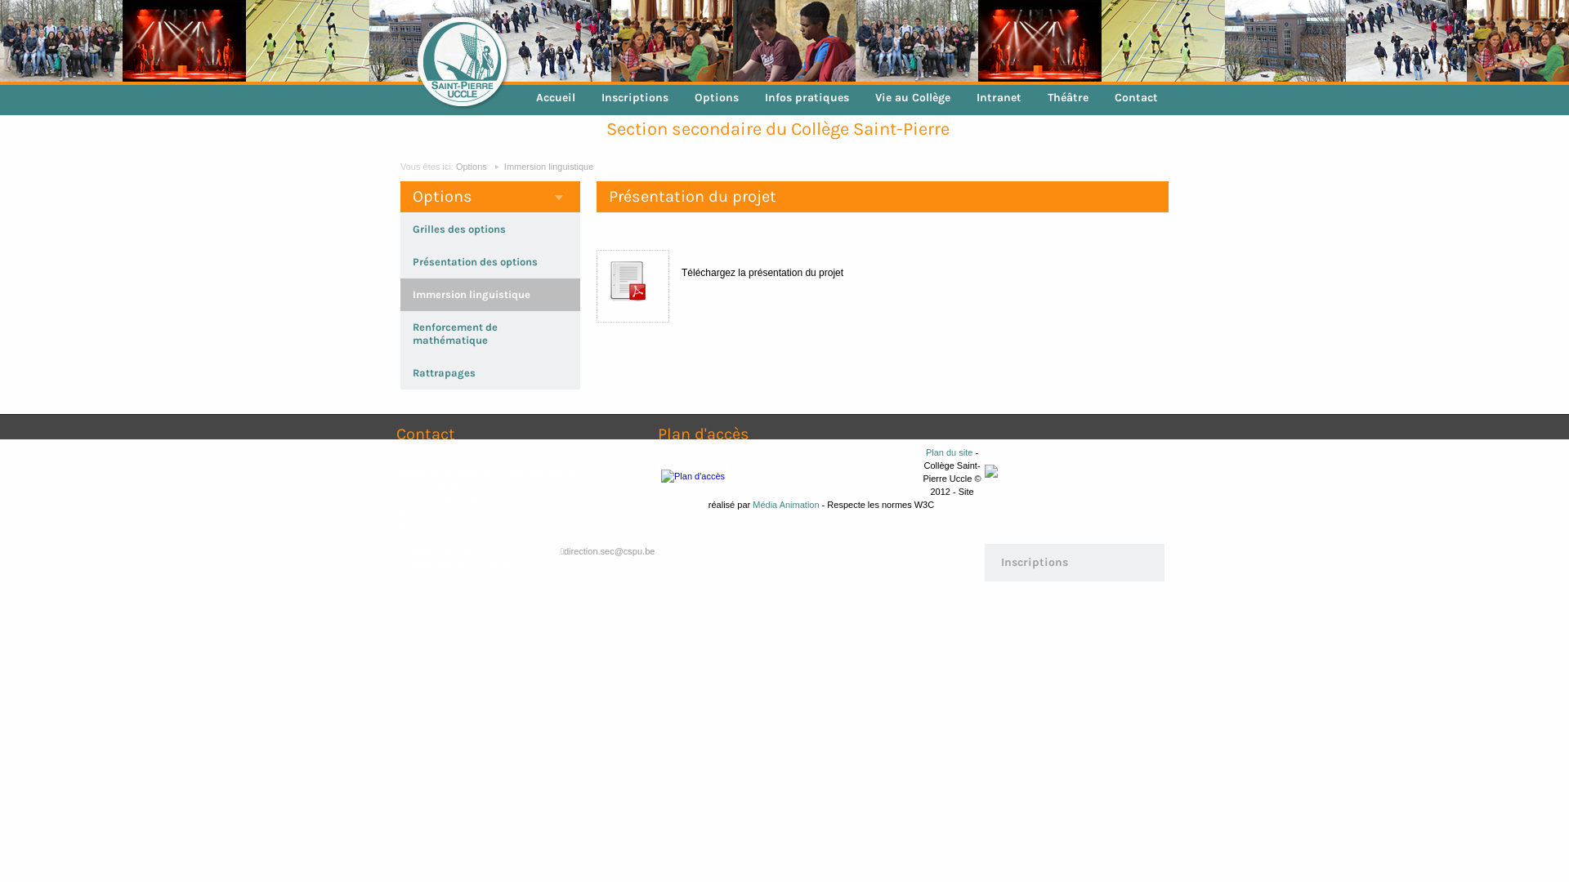  Describe the element at coordinates (606, 551) in the screenshot. I see `'direction.sec@cspu.be'` at that location.